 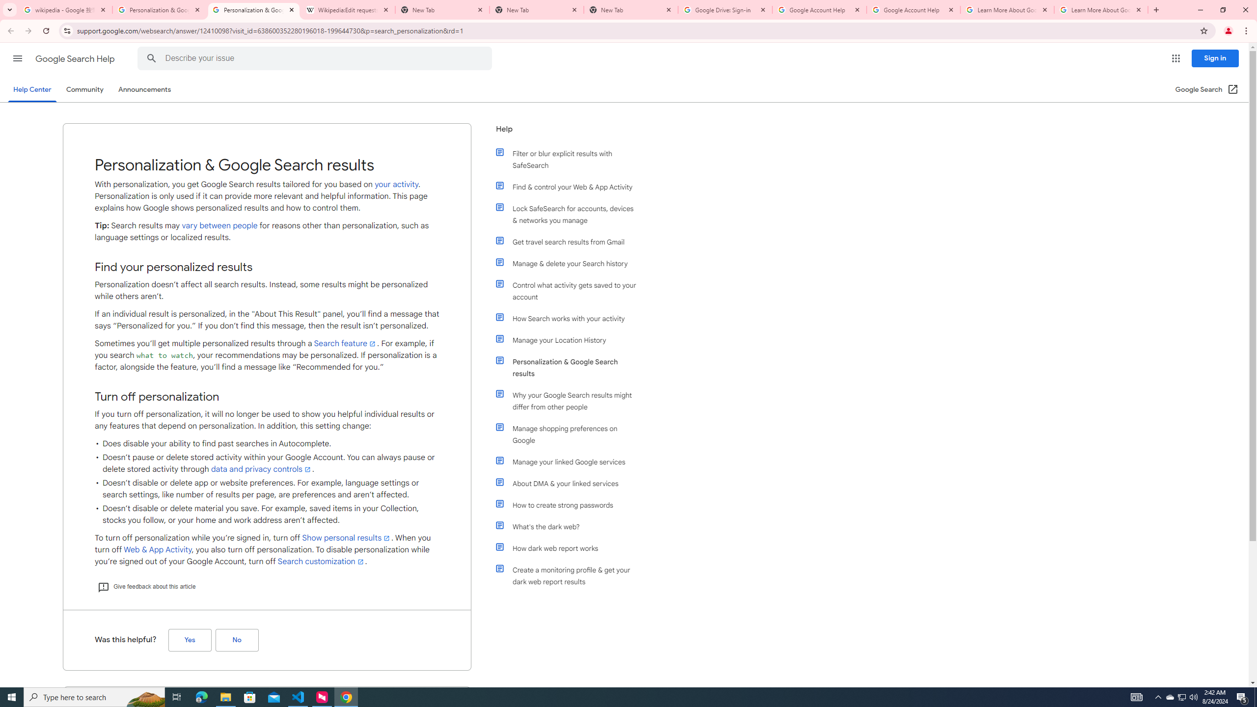 What do you see at coordinates (146, 586) in the screenshot?
I see `'Give feedback about this article'` at bounding box center [146, 586].